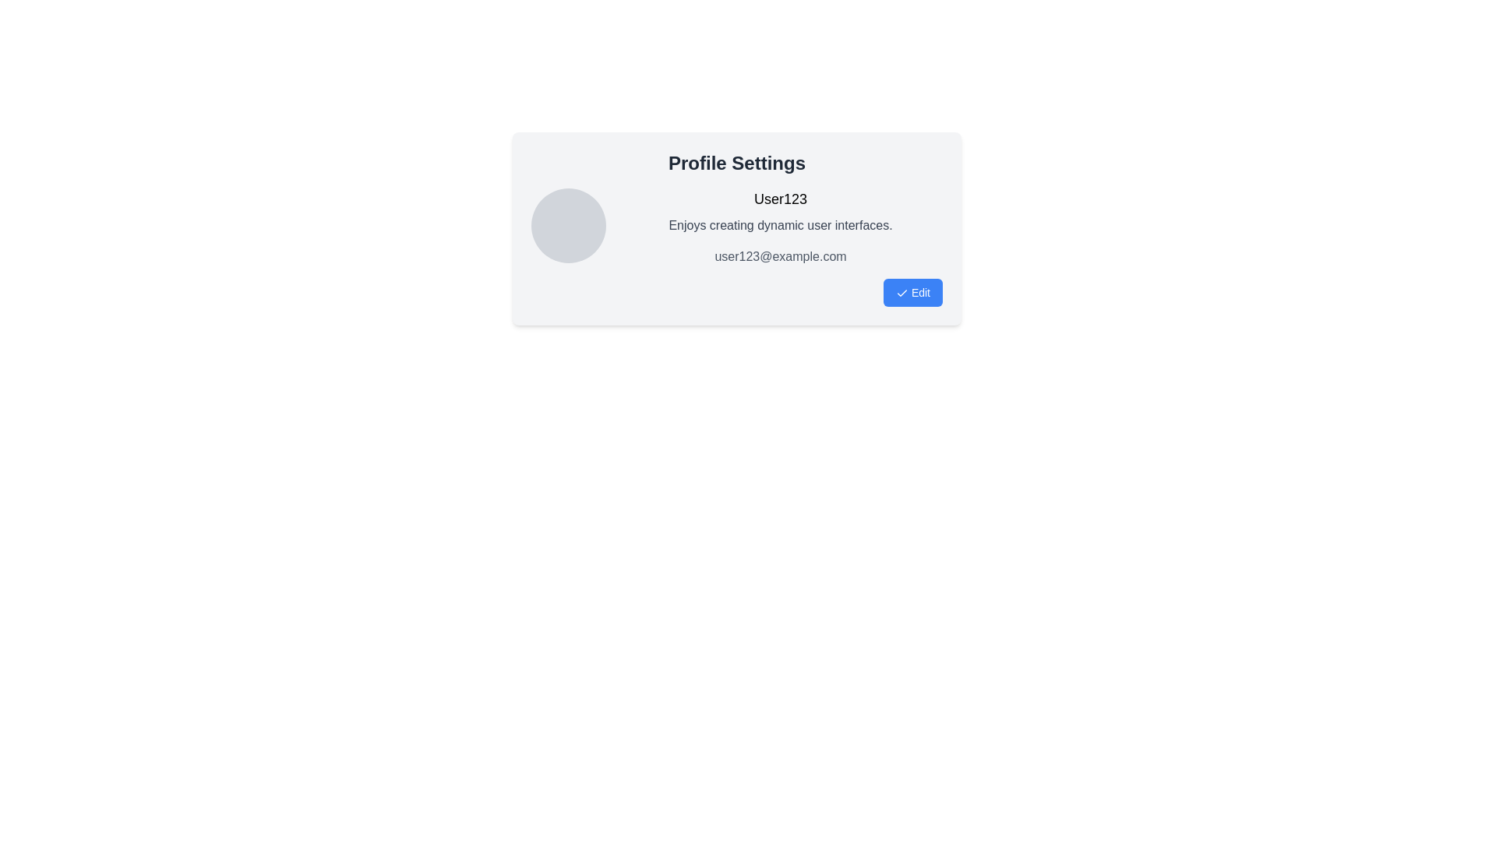  I want to click on the text label stating 'Enjoys creating dynamic user interfaces.' which is centrally located in the interface, positioned below 'User123' and above 'user123@example.com', so click(781, 225).